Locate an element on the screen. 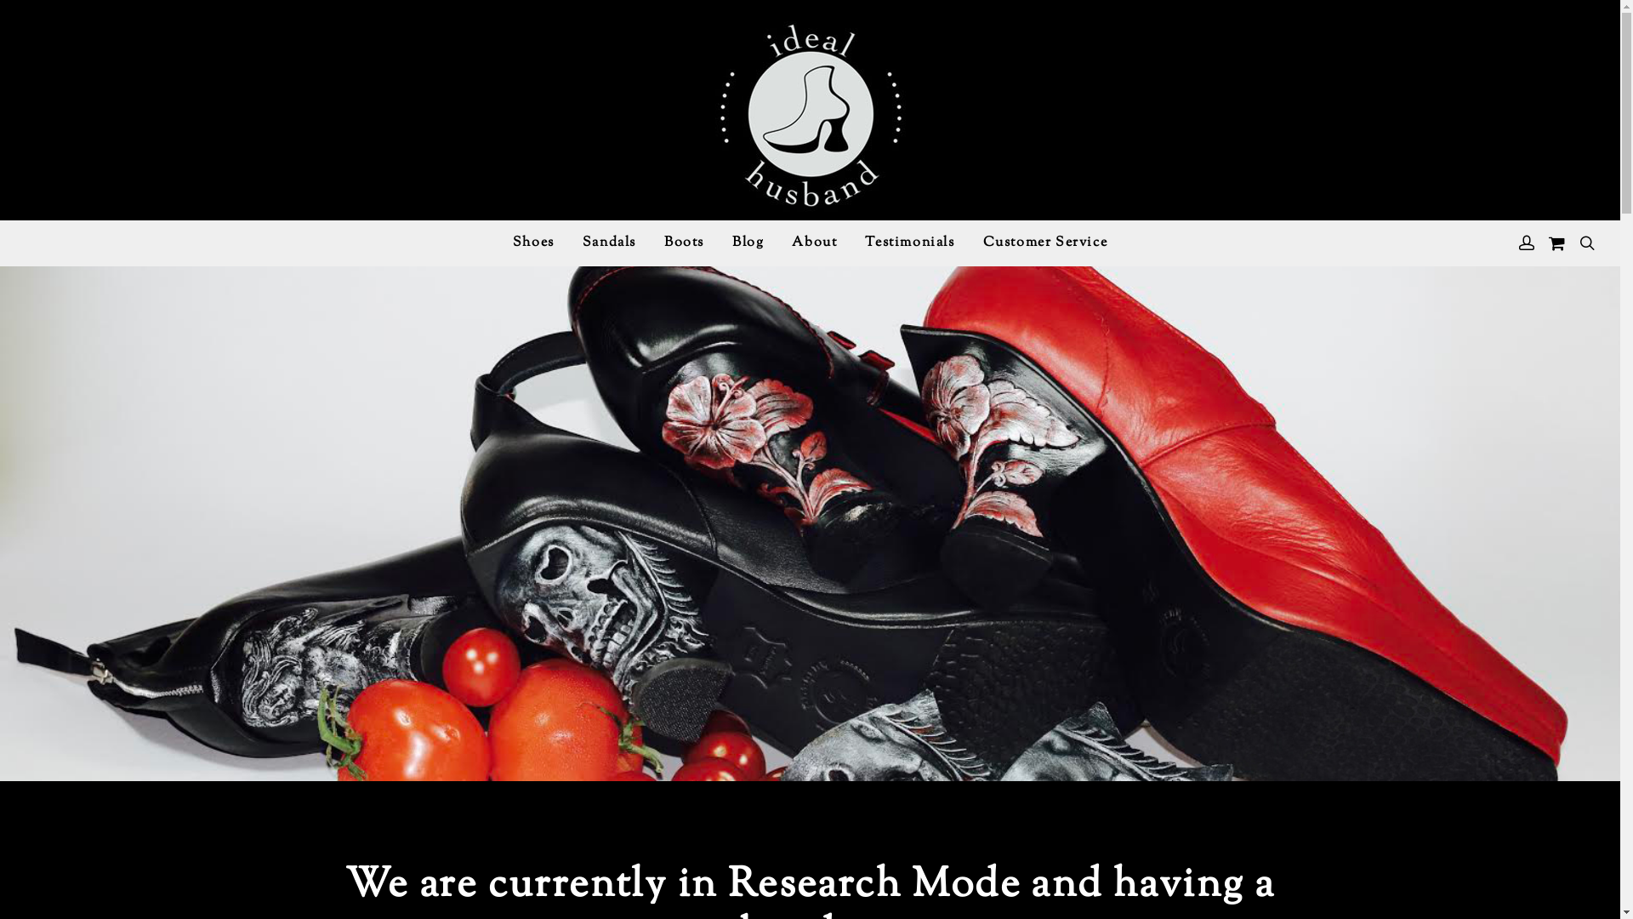  'Customer Service' is located at coordinates (983, 243).